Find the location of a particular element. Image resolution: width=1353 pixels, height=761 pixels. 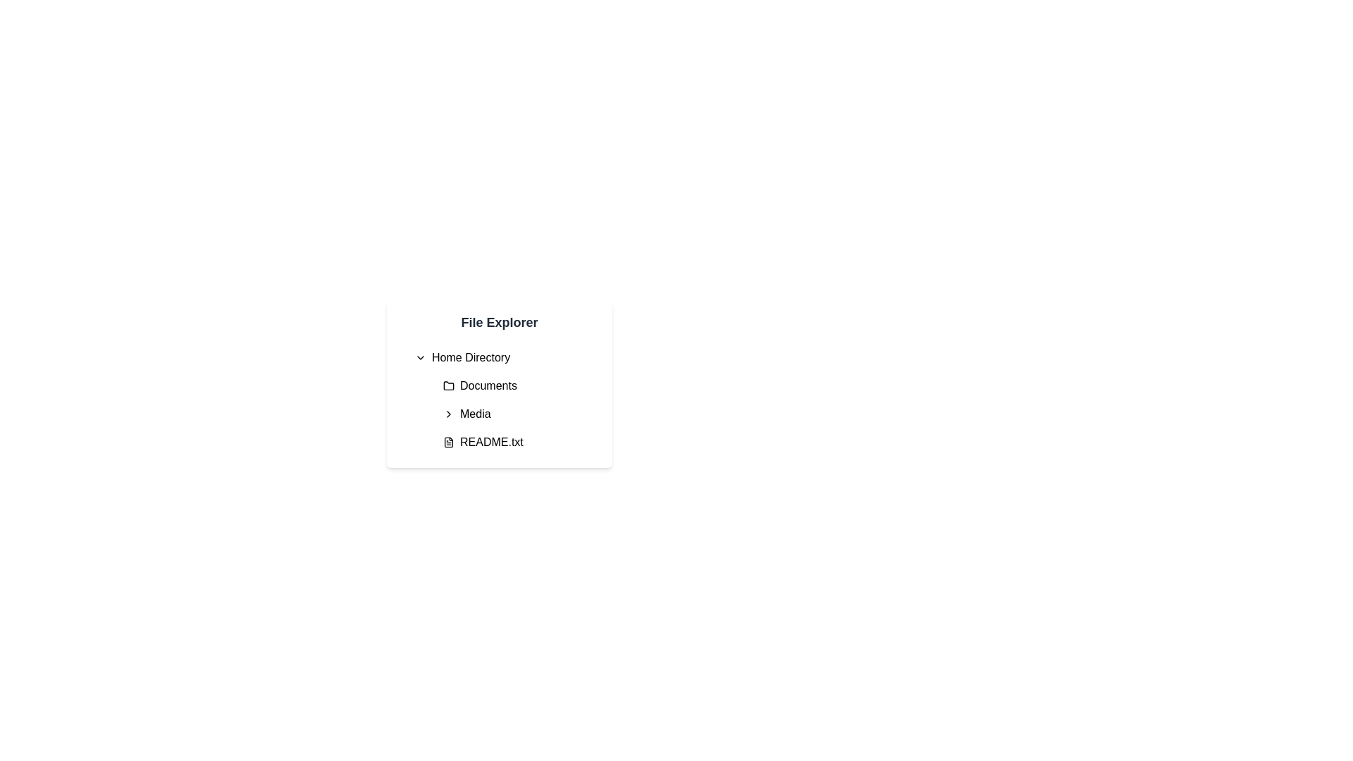

the 'Home Directory' list item is located at coordinates (505, 357).